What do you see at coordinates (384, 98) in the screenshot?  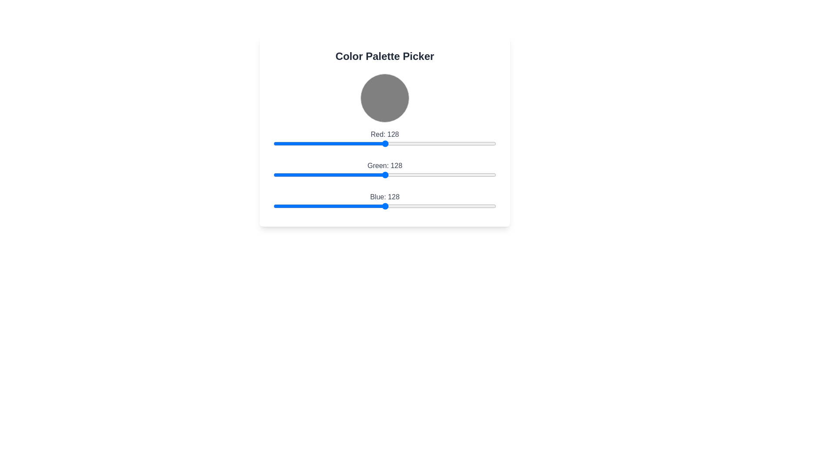 I see `the Circular color display, which is a circular area with a gray background located below the 'Color Palette Picker' title` at bounding box center [384, 98].